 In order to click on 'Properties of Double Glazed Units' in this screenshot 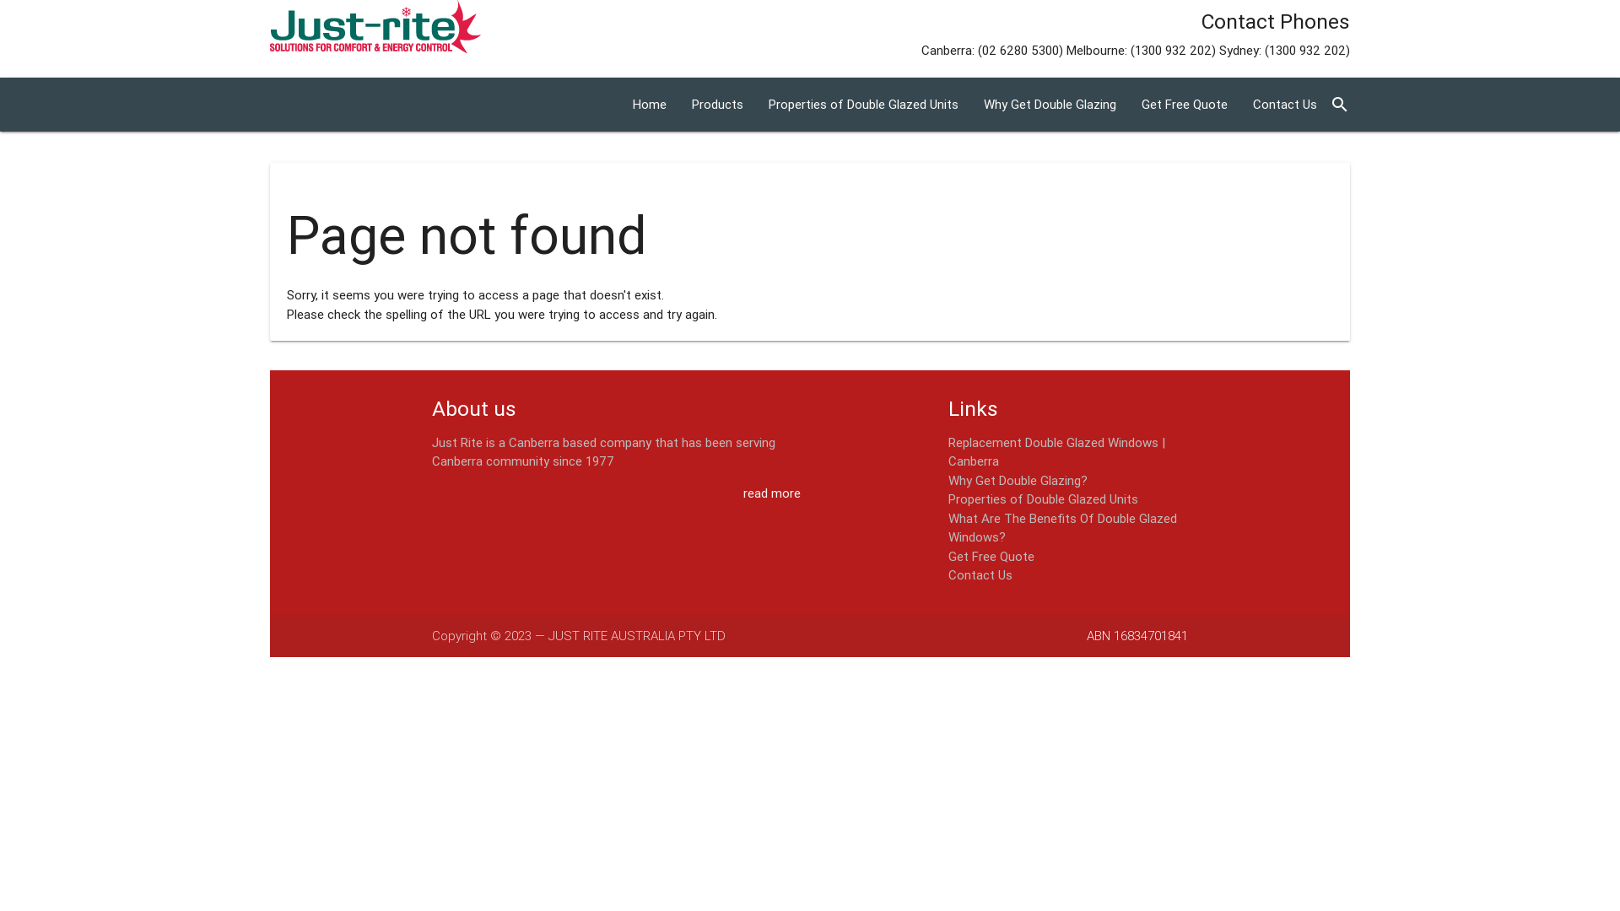, I will do `click(863, 104)`.